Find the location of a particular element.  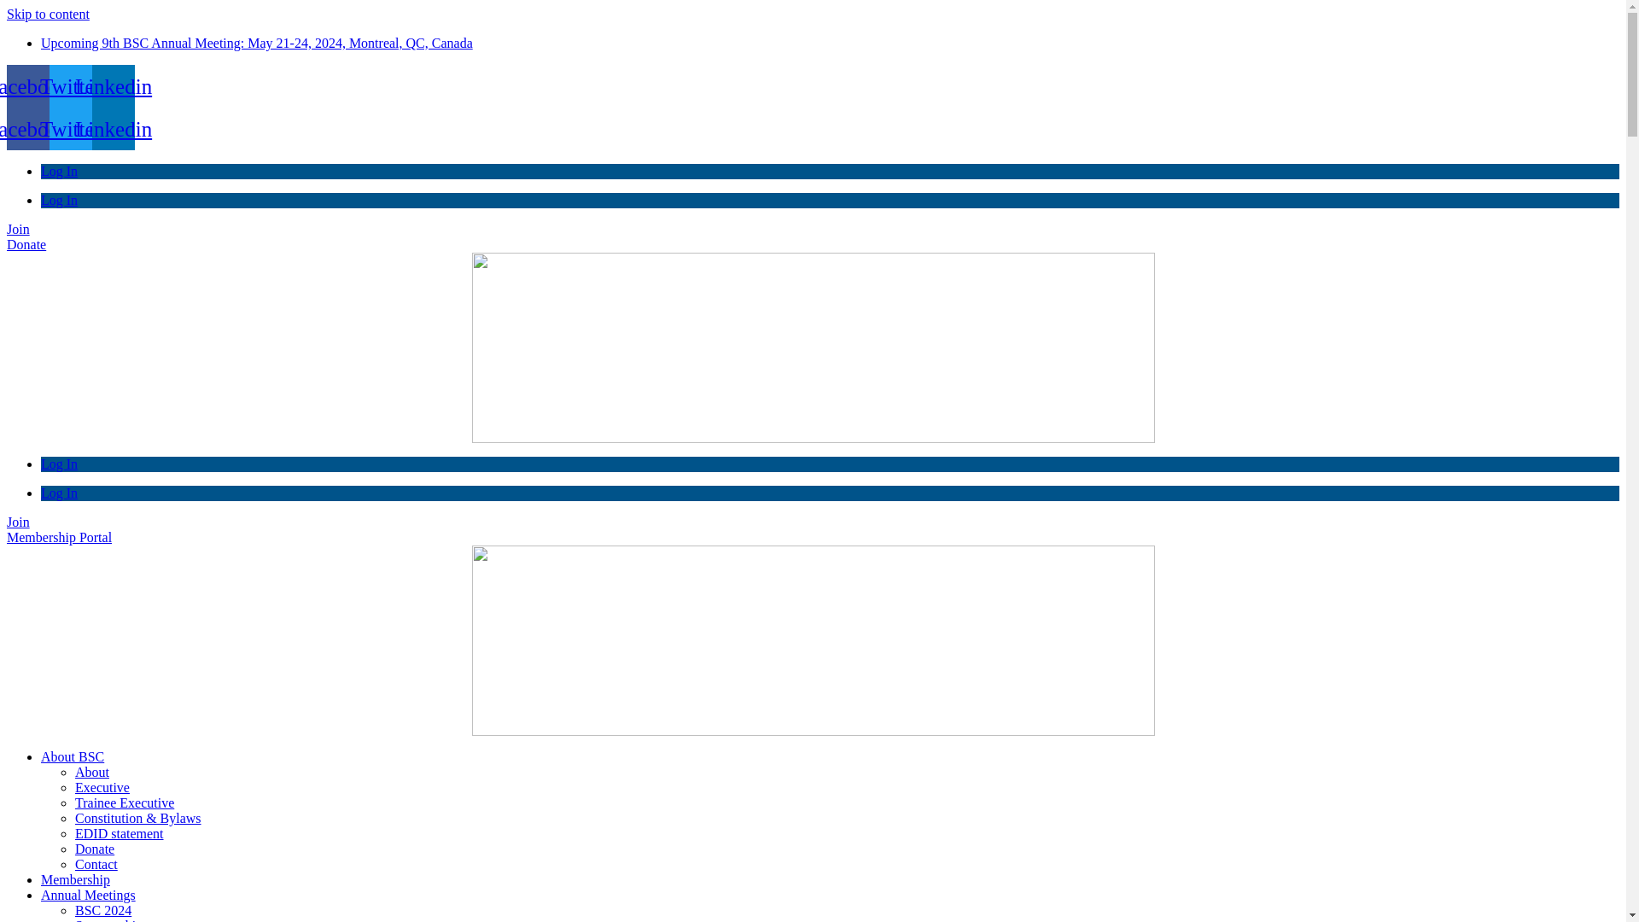

'Linkedin' is located at coordinates (113, 85).